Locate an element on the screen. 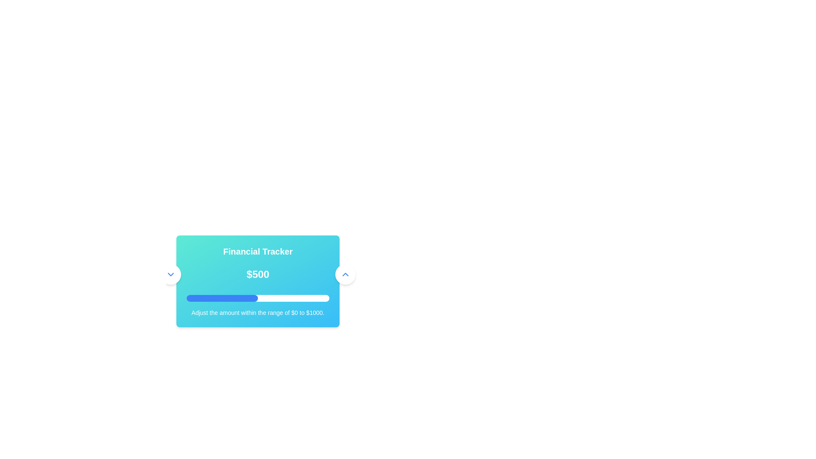 The image size is (816, 459). displayed value in the Numeric Display Field located in the Financial Tracker interface, positioned centrally between increment and decrement icons is located at coordinates (257, 274).